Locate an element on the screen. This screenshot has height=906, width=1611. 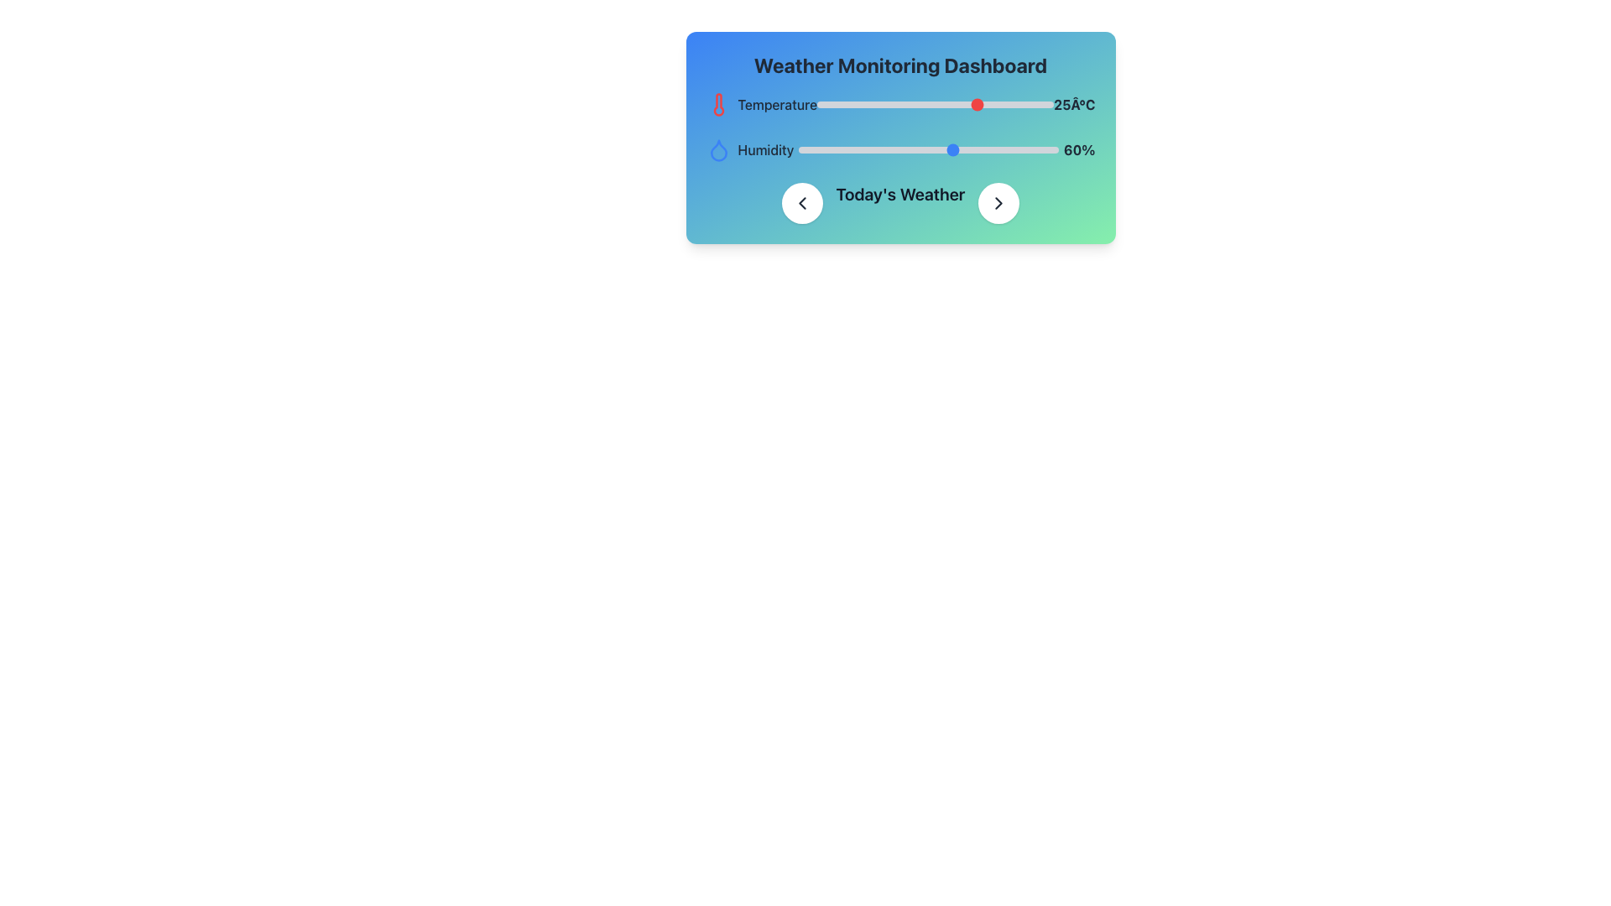
temperature is located at coordinates (979, 104).